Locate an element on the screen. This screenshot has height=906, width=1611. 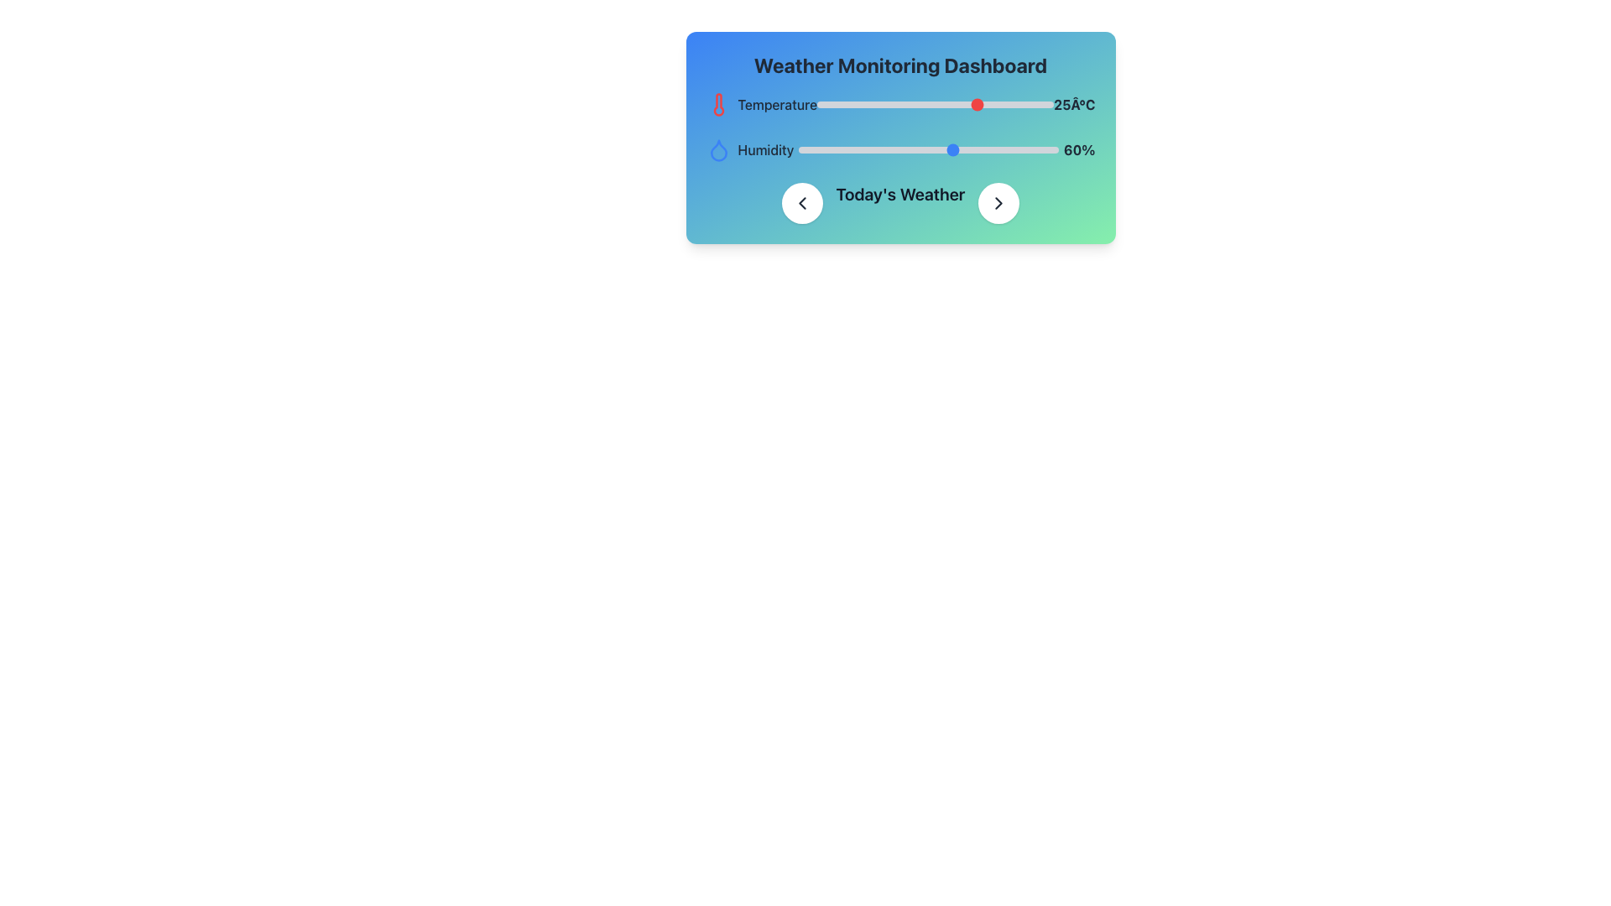
temperature is located at coordinates (979, 104).